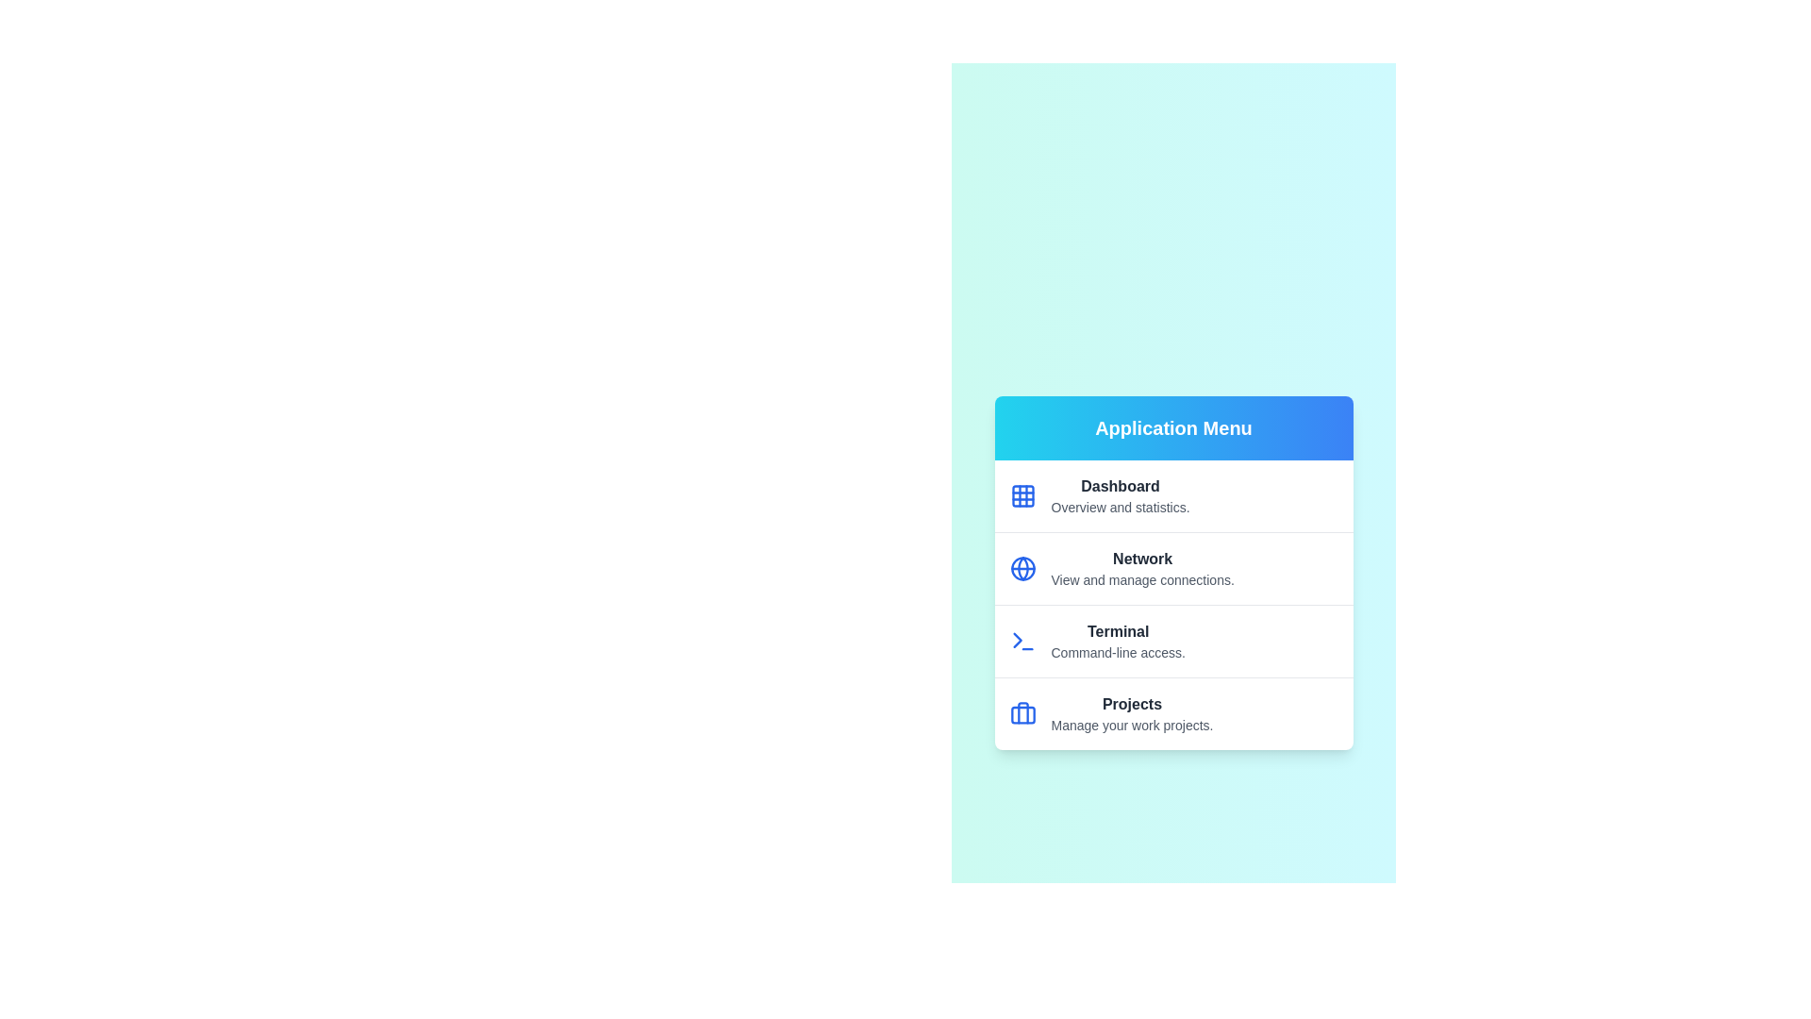 The width and height of the screenshot is (1811, 1019). Describe the element at coordinates (1172, 713) in the screenshot. I see `the menu item labeled Projects to view its hover state` at that location.